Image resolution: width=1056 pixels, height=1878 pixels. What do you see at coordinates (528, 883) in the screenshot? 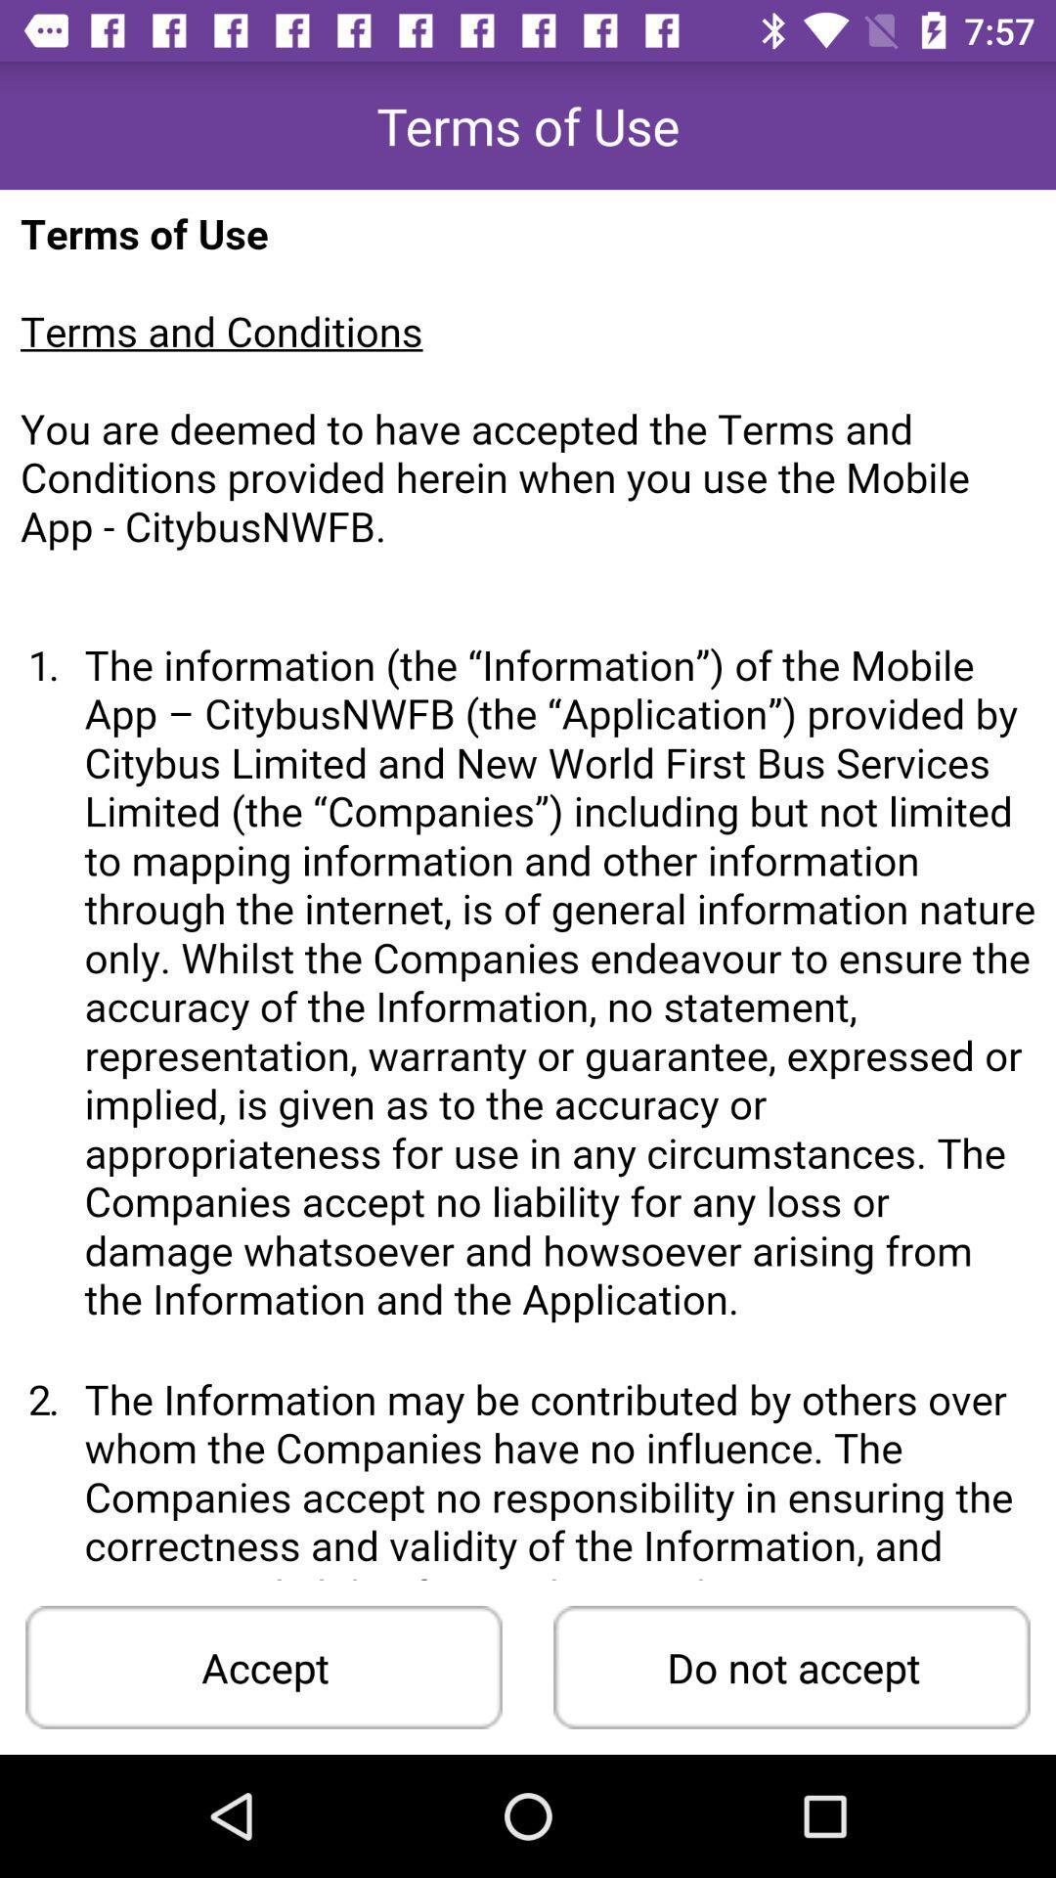
I see `conditions` at bounding box center [528, 883].